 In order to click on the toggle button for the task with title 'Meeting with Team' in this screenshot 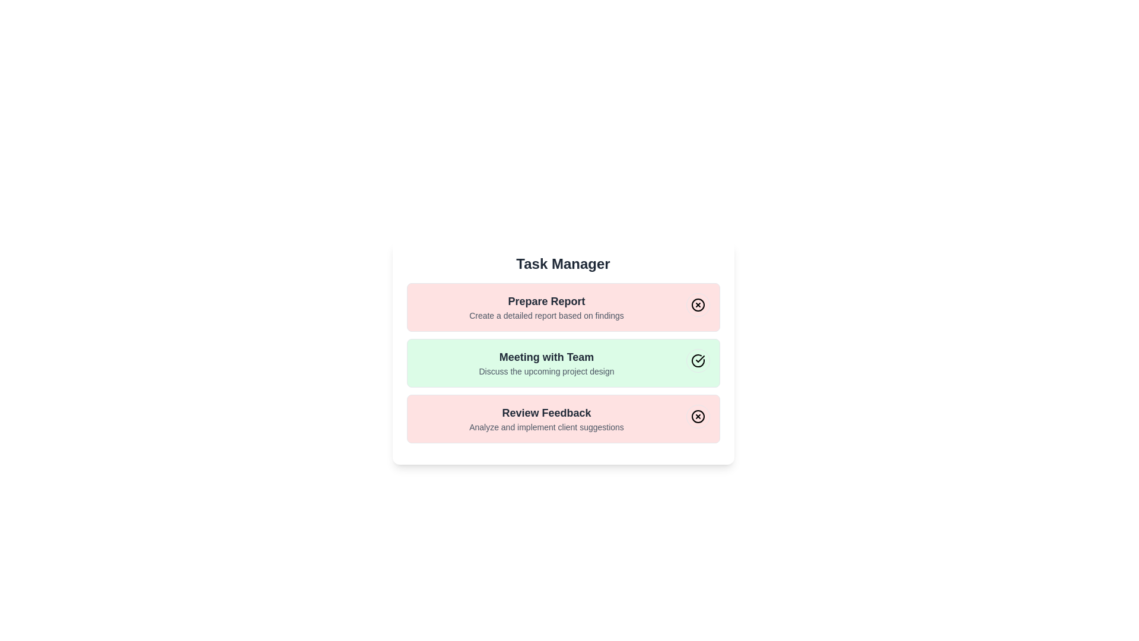, I will do `click(698, 360)`.